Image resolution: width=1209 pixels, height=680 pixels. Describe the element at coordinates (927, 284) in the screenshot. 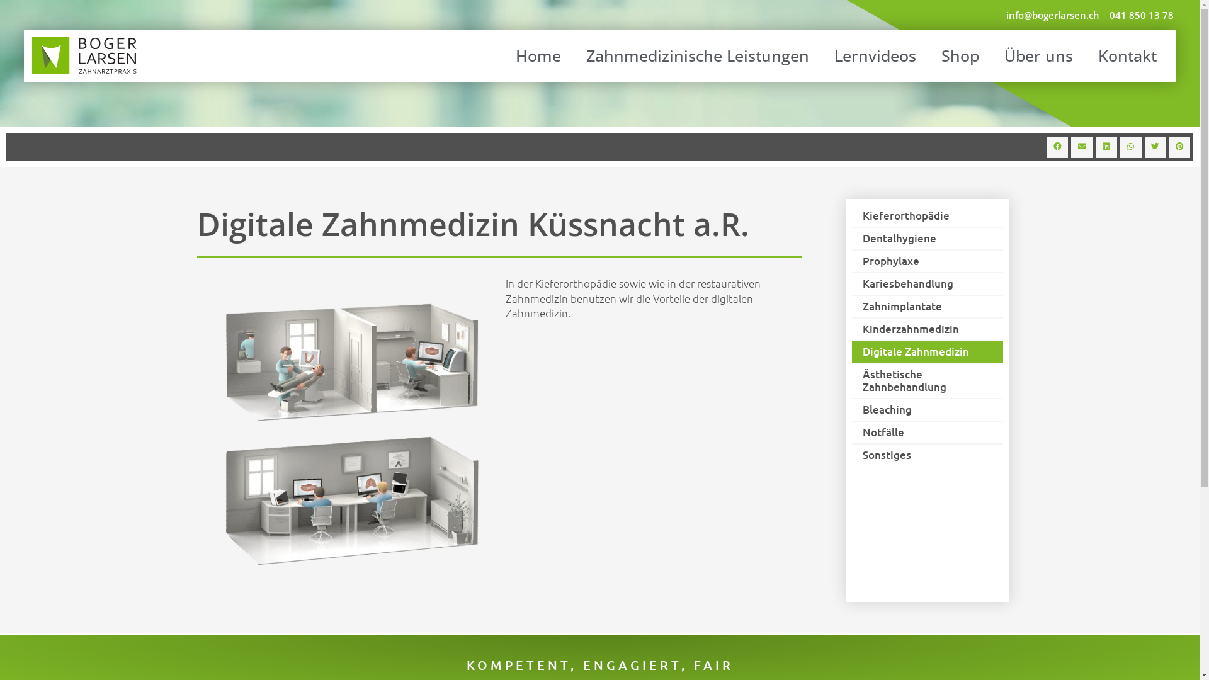

I see `'Kariesbehandlung'` at that location.